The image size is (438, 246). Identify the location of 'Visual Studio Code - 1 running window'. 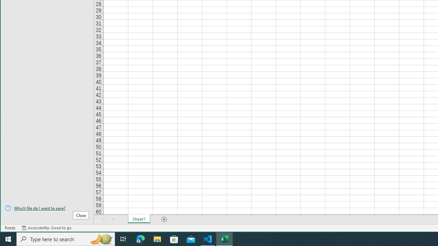
(207, 238).